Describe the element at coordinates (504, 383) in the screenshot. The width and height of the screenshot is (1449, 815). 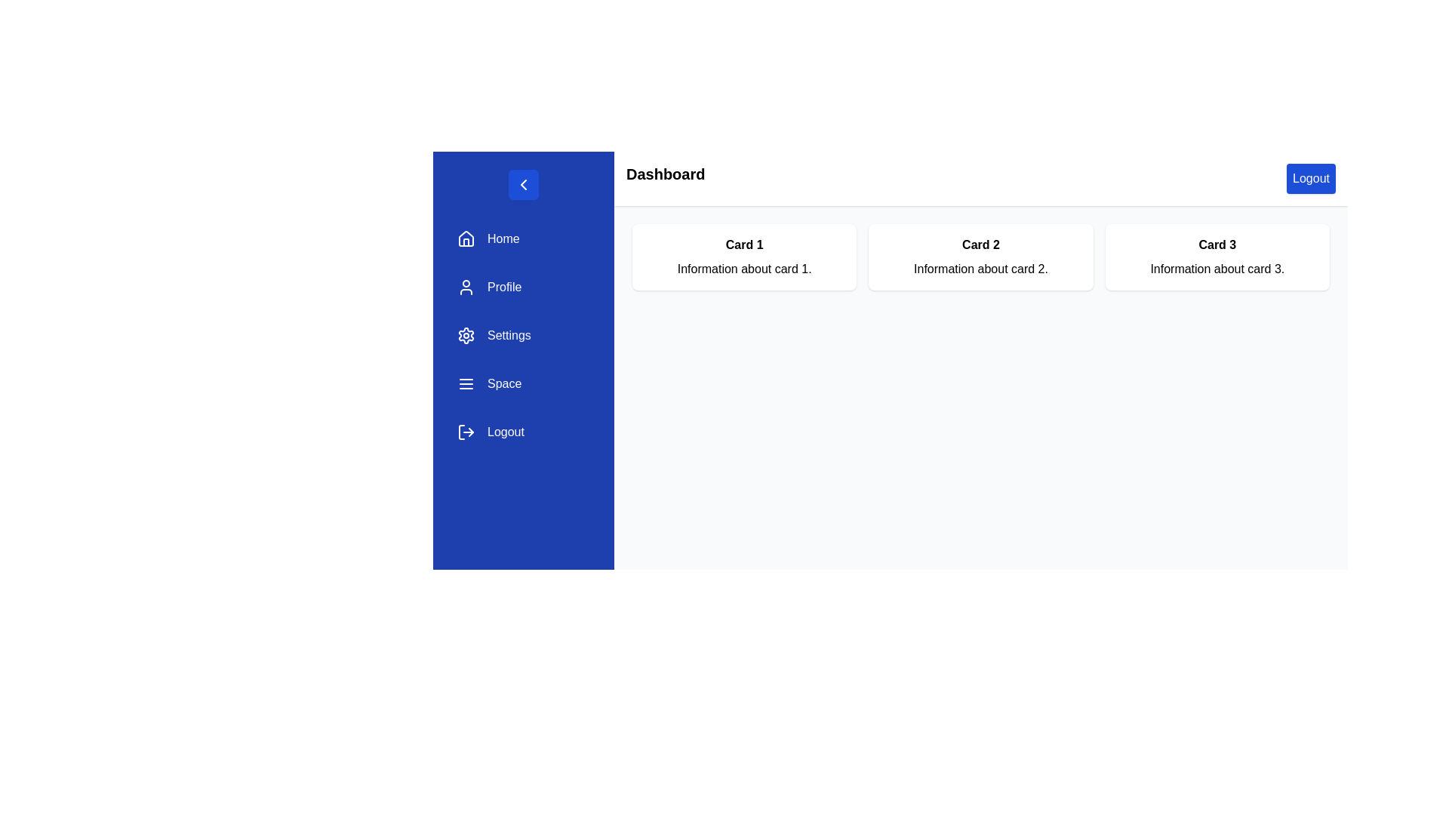
I see `the text label 'Space' styled with white font on a blue background in the left-hand sidebar menu` at that location.